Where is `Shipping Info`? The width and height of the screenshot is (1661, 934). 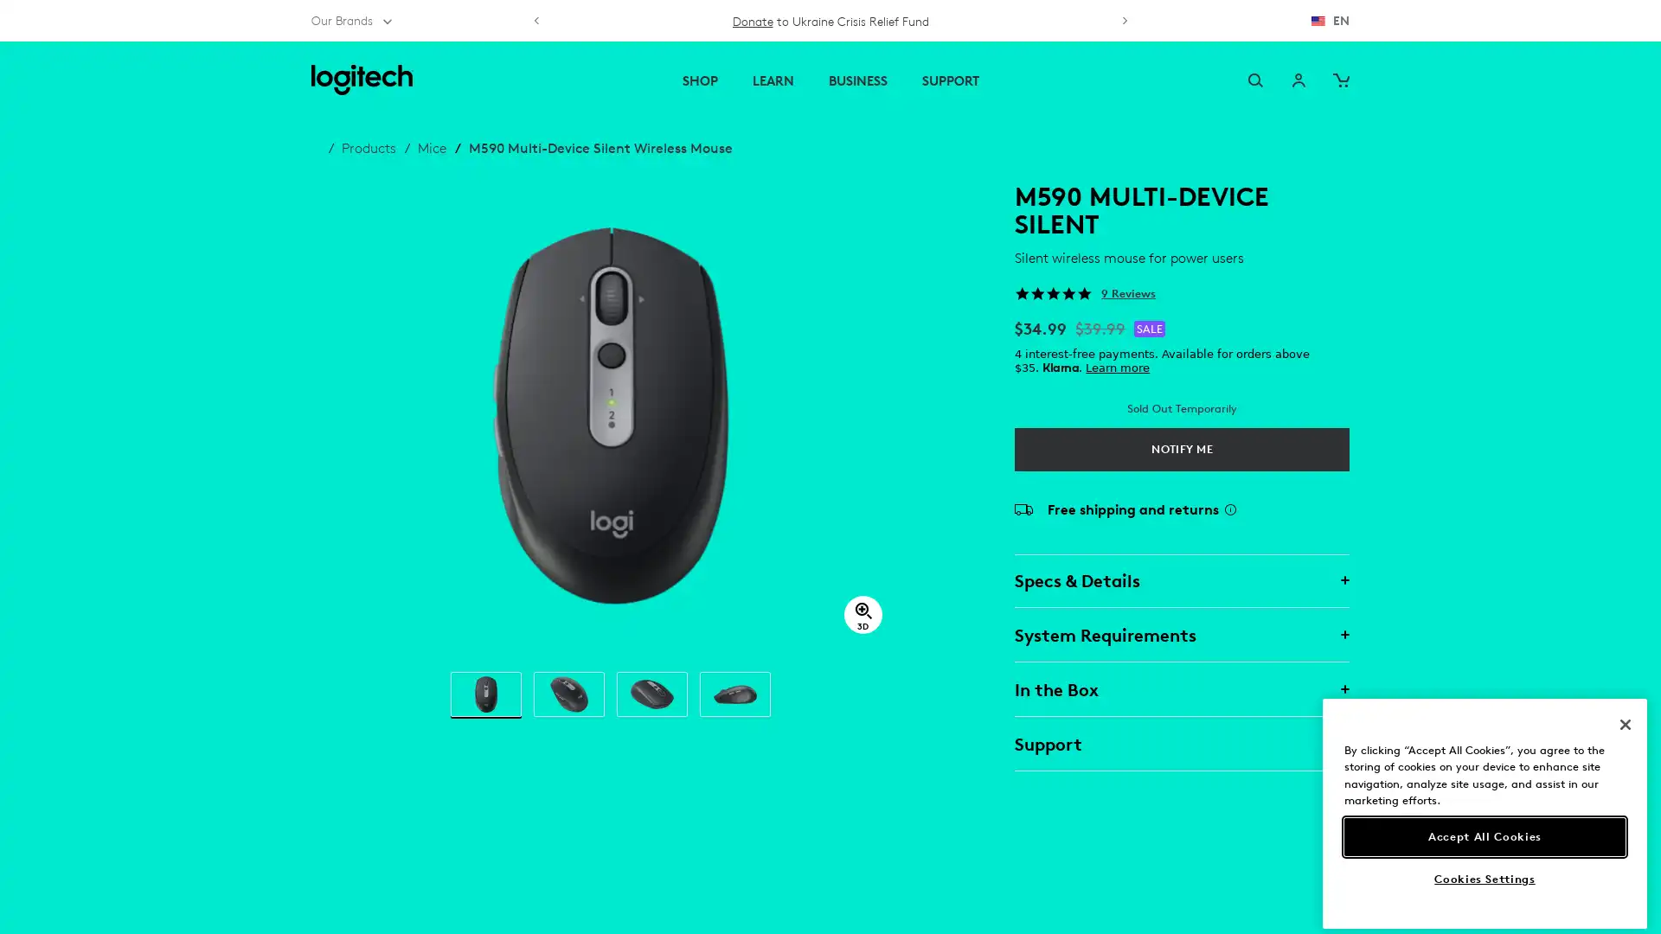
Shipping Info is located at coordinates (1231, 509).